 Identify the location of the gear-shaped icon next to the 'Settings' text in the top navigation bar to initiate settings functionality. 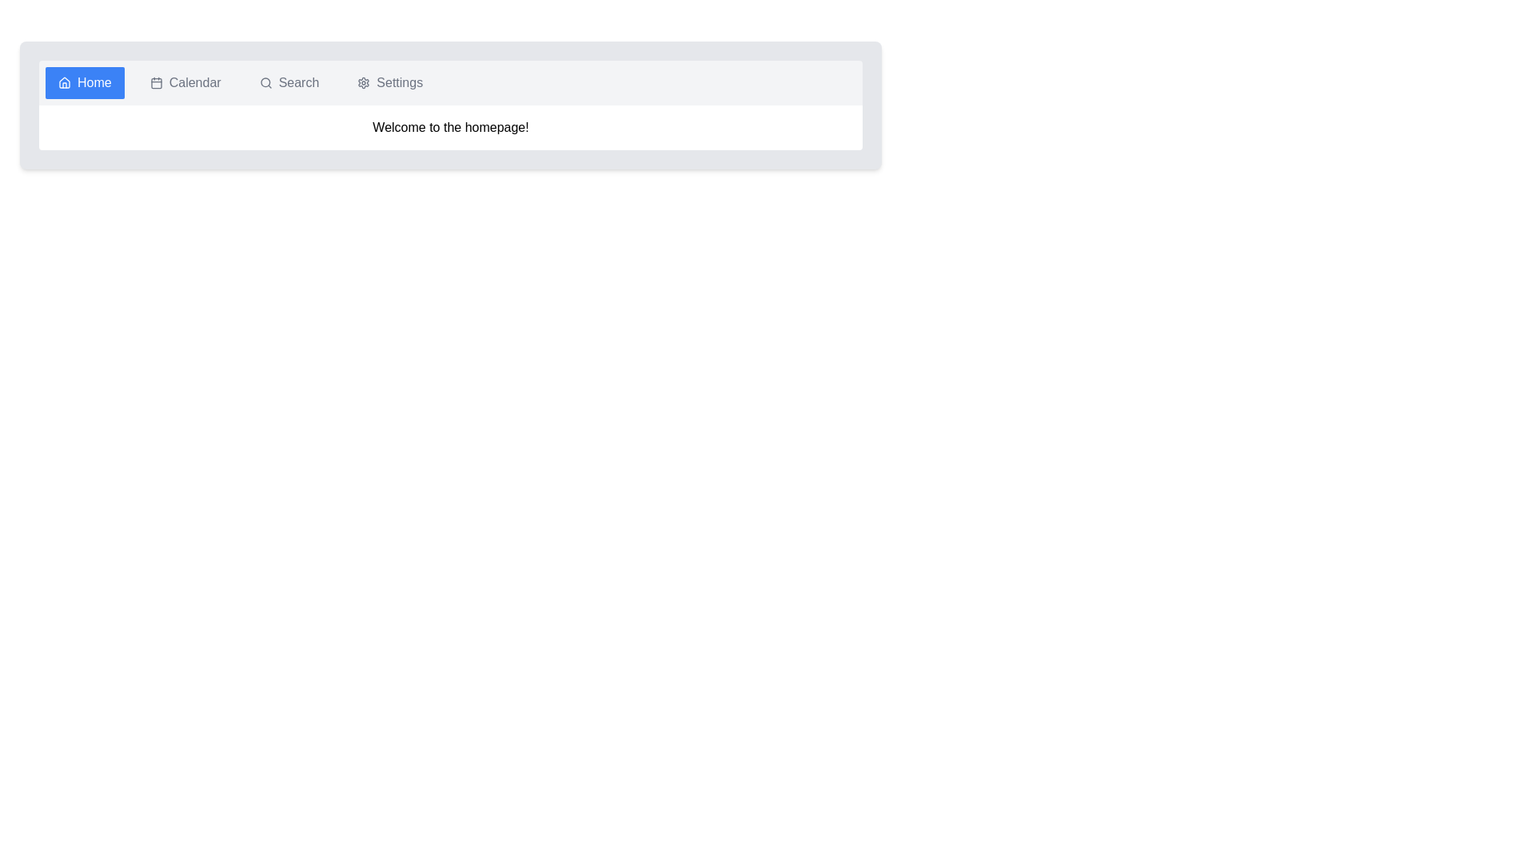
(363, 83).